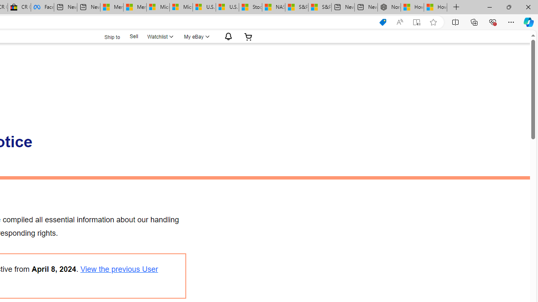 The image size is (538, 302). Describe the element at coordinates (248, 36) in the screenshot. I see `'Your shopping cart'` at that location.